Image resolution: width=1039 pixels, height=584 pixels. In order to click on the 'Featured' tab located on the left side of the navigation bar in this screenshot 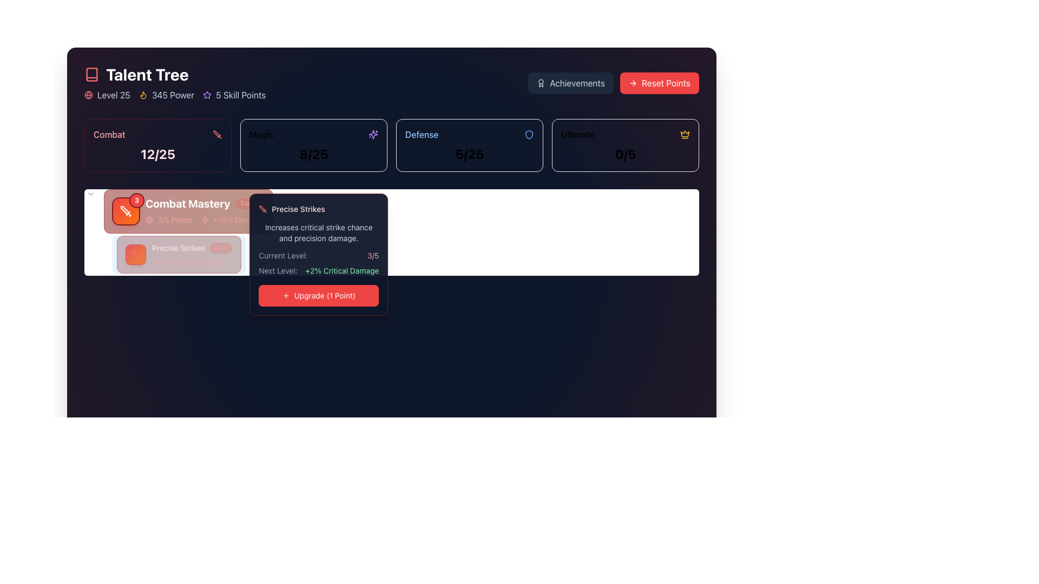, I will do `click(111, 81)`.